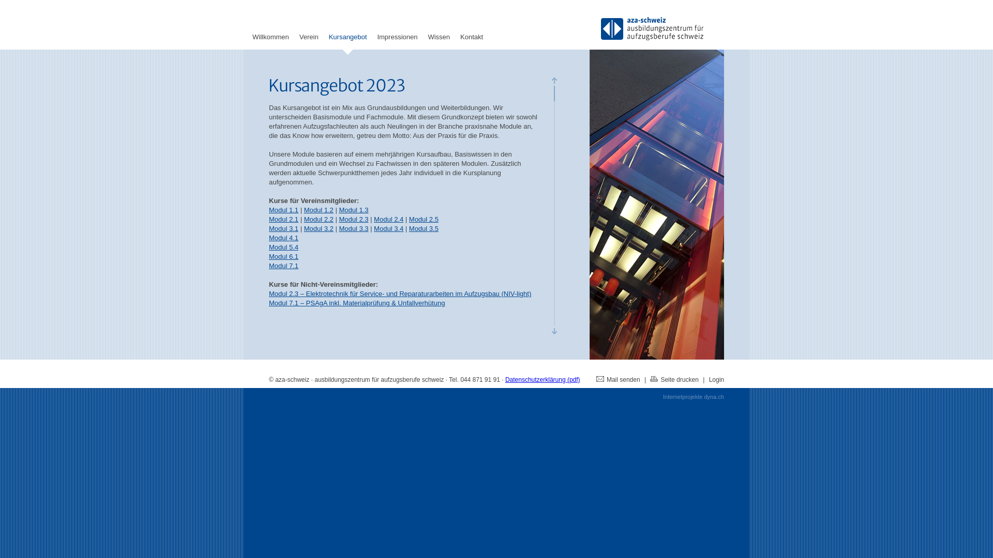  Describe the element at coordinates (716, 380) in the screenshot. I see `'Login'` at that location.